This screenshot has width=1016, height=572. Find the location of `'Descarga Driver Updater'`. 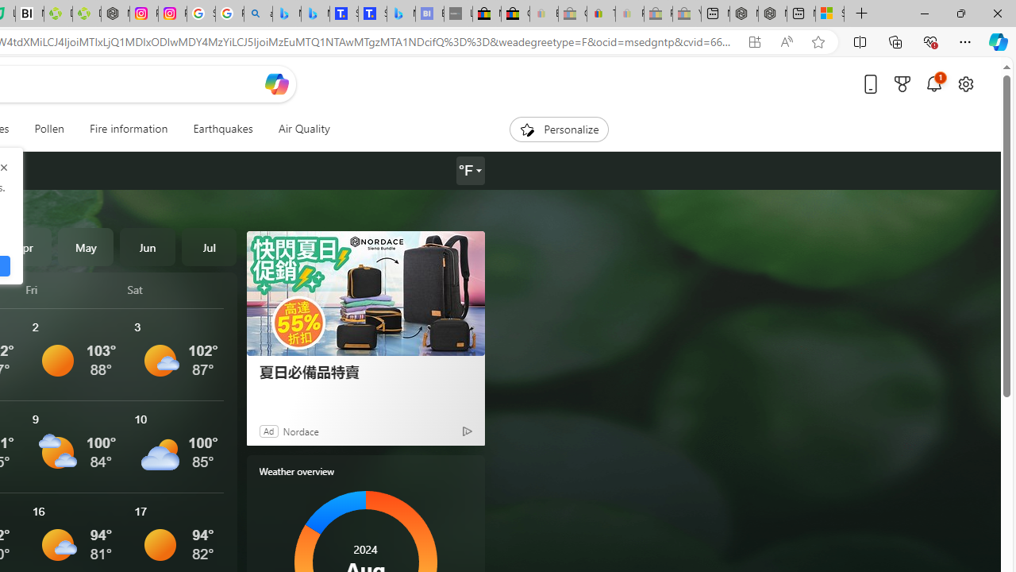

'Descarga Driver Updater' is located at coordinates (86, 14).